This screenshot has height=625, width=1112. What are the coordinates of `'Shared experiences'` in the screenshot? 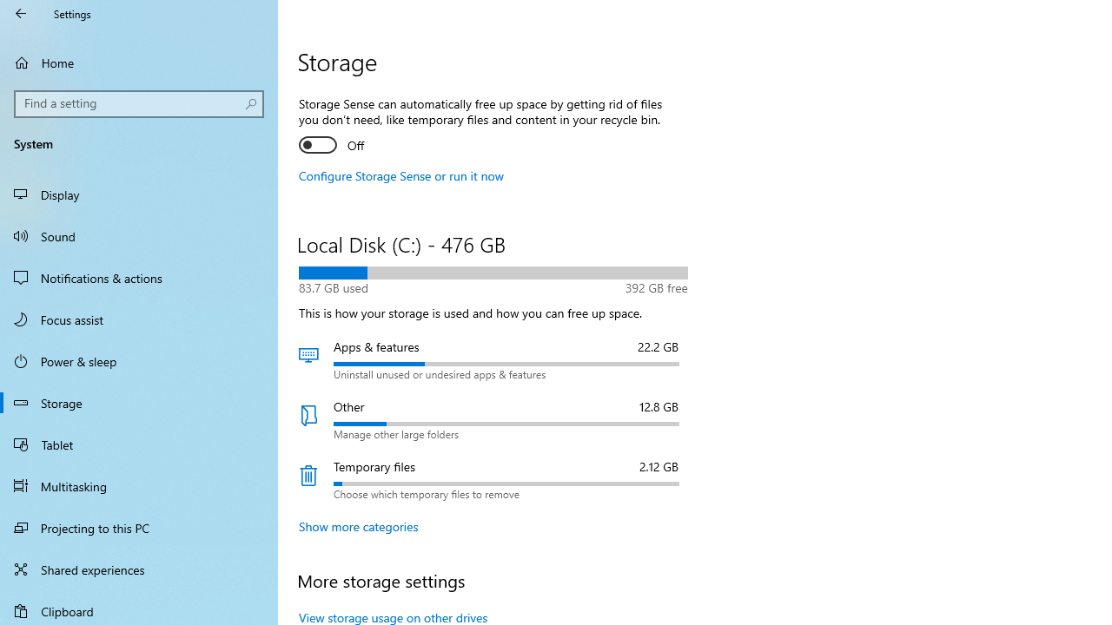 It's located at (139, 569).